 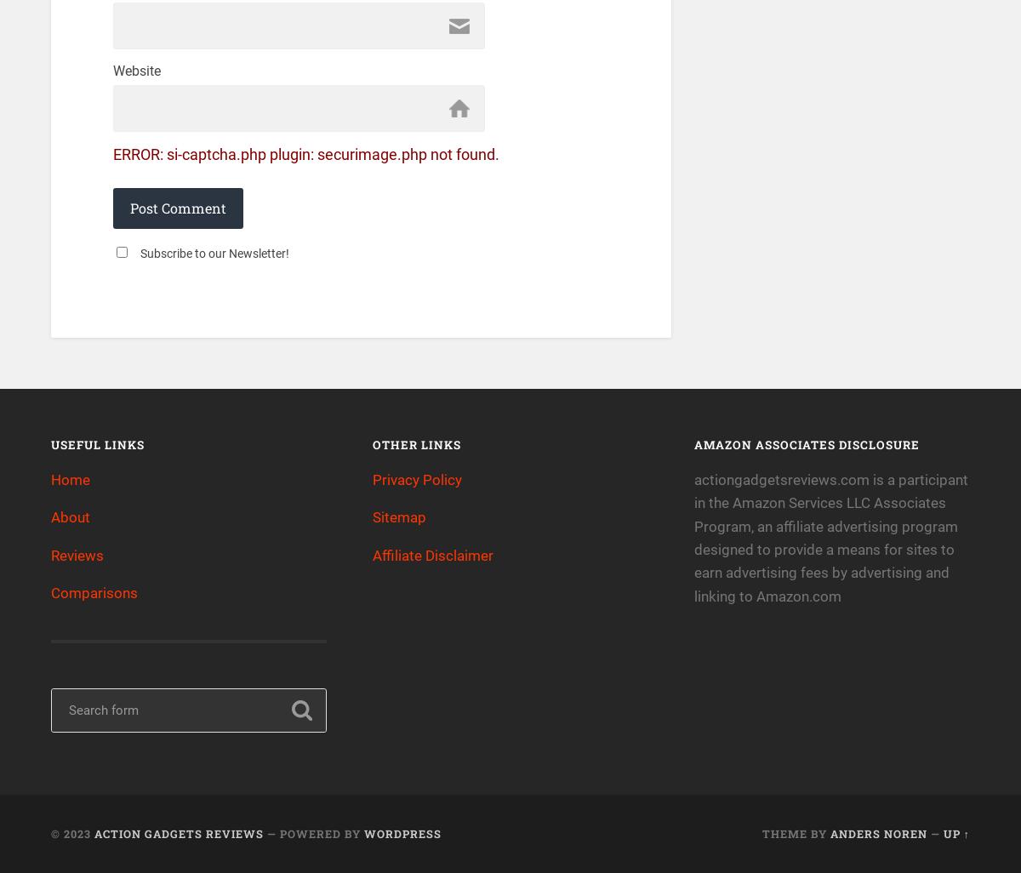 I want to click on 'Sitemap', so click(x=398, y=516).